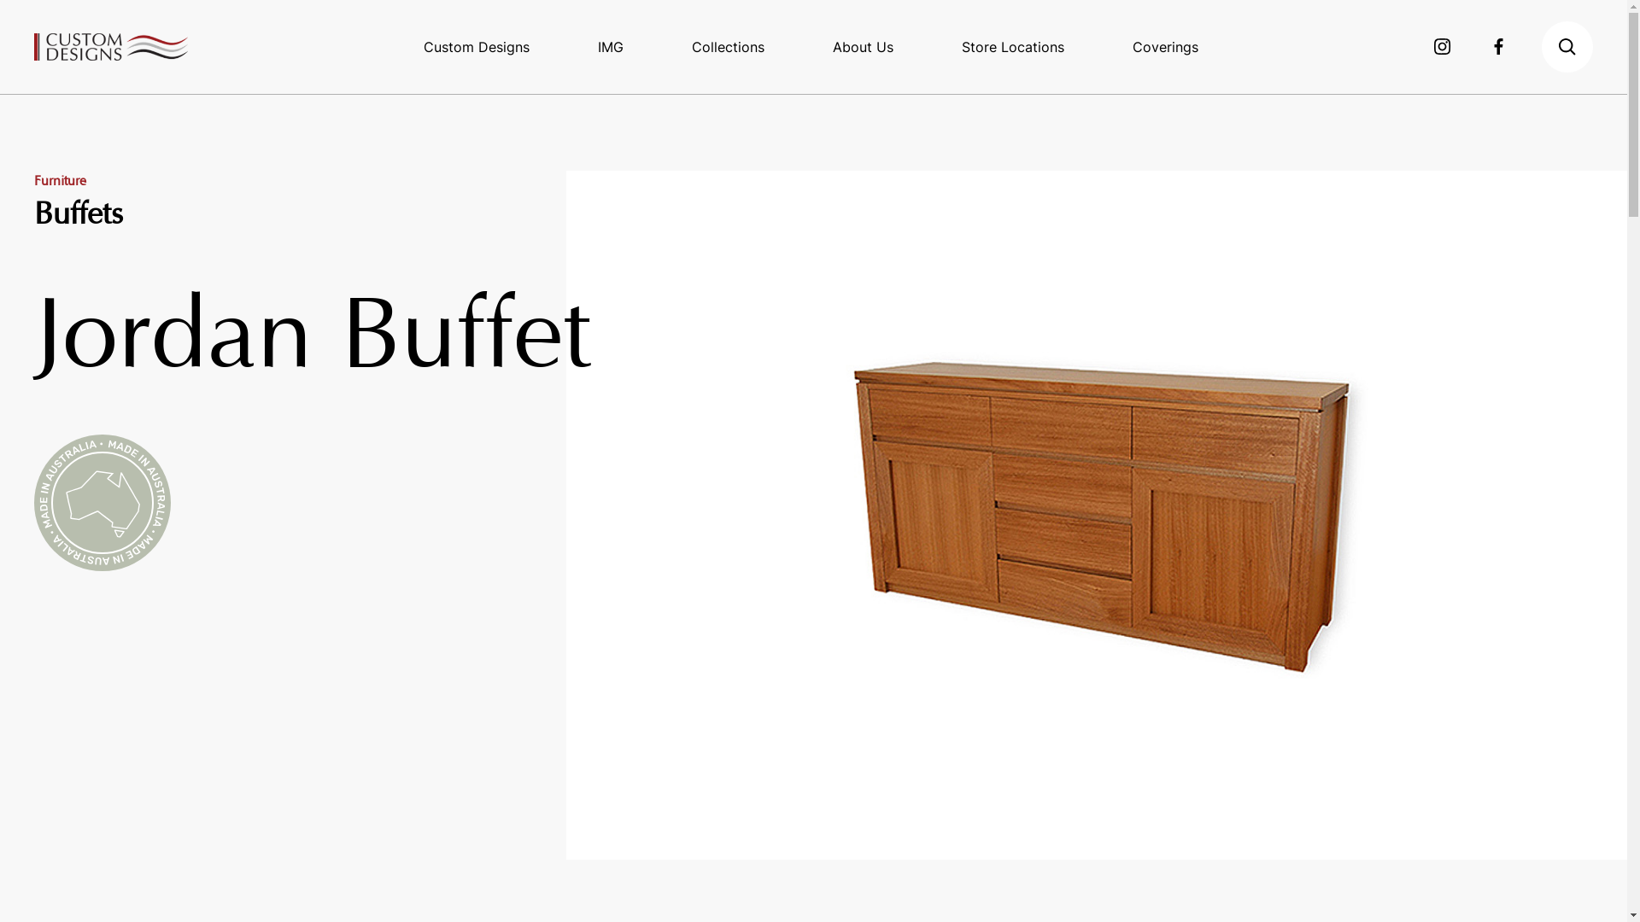 The image size is (1640, 922). Describe the element at coordinates (1492, 45) in the screenshot. I see `'Facebook'` at that location.